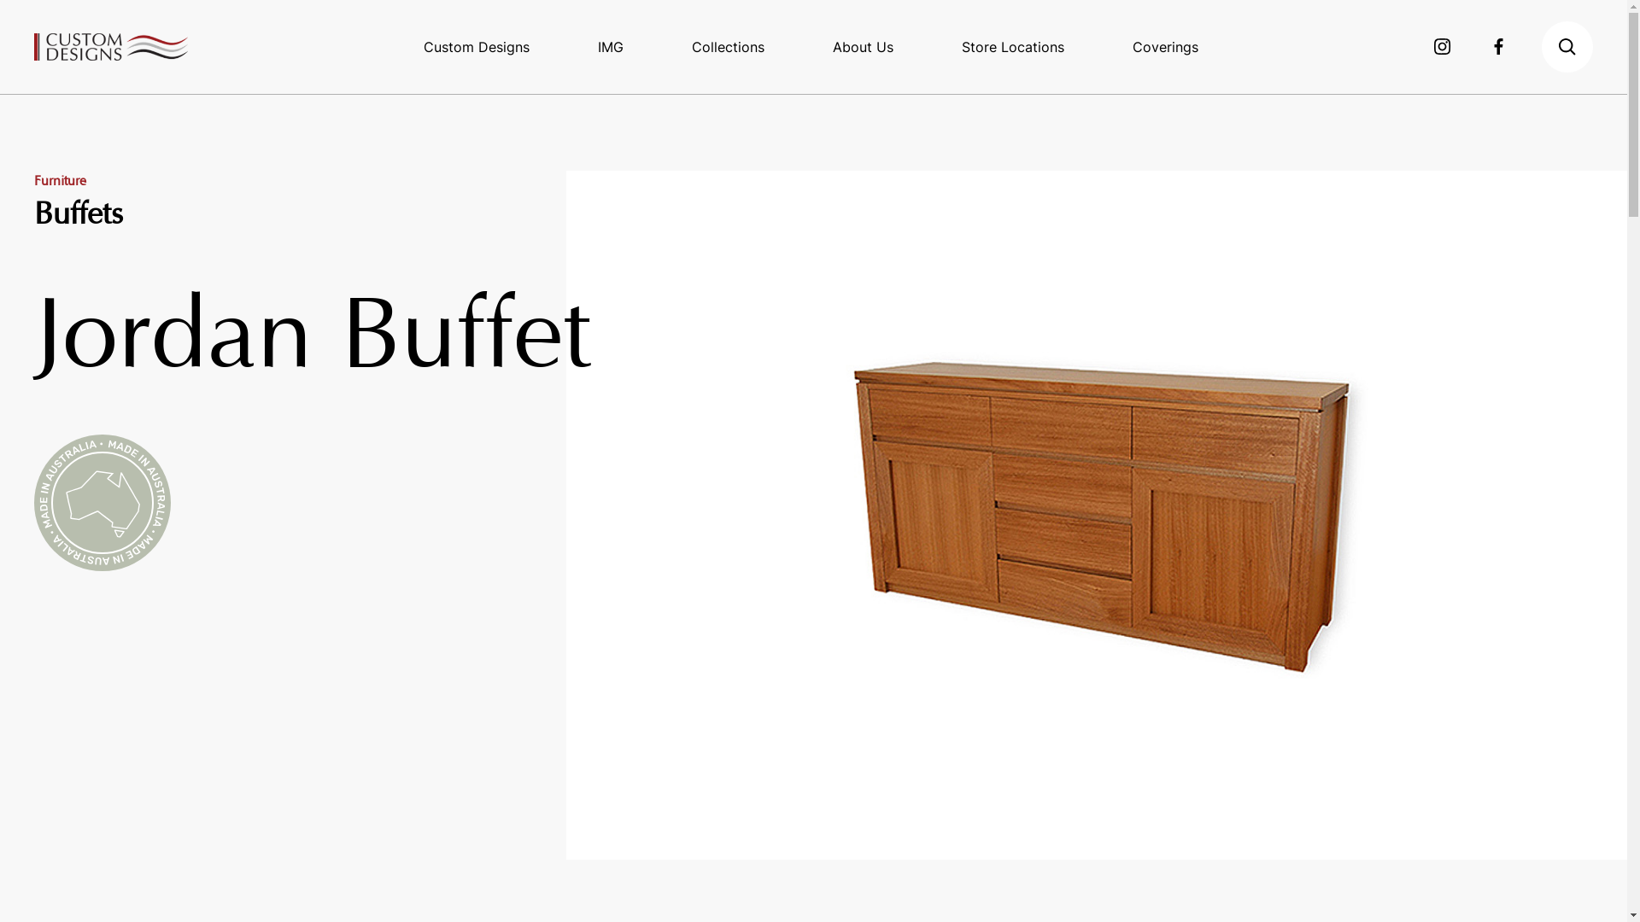 The image size is (1640, 922). Describe the element at coordinates (1492, 45) in the screenshot. I see `'Facebook'` at that location.